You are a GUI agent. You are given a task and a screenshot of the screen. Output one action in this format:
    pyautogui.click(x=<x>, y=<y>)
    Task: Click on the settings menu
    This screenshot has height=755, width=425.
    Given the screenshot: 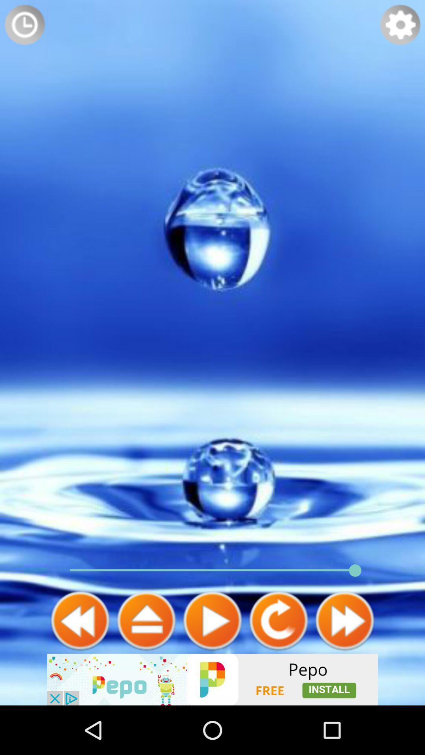 What is the action you would take?
    pyautogui.click(x=400, y=24)
    